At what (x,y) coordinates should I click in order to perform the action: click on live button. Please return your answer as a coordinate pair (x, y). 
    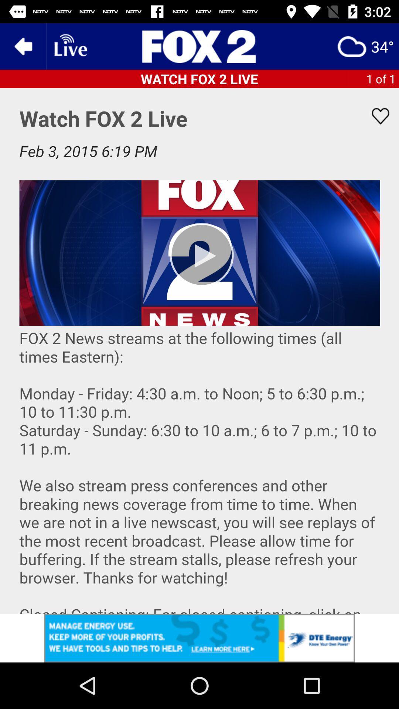
    Looking at the image, I should click on (70, 46).